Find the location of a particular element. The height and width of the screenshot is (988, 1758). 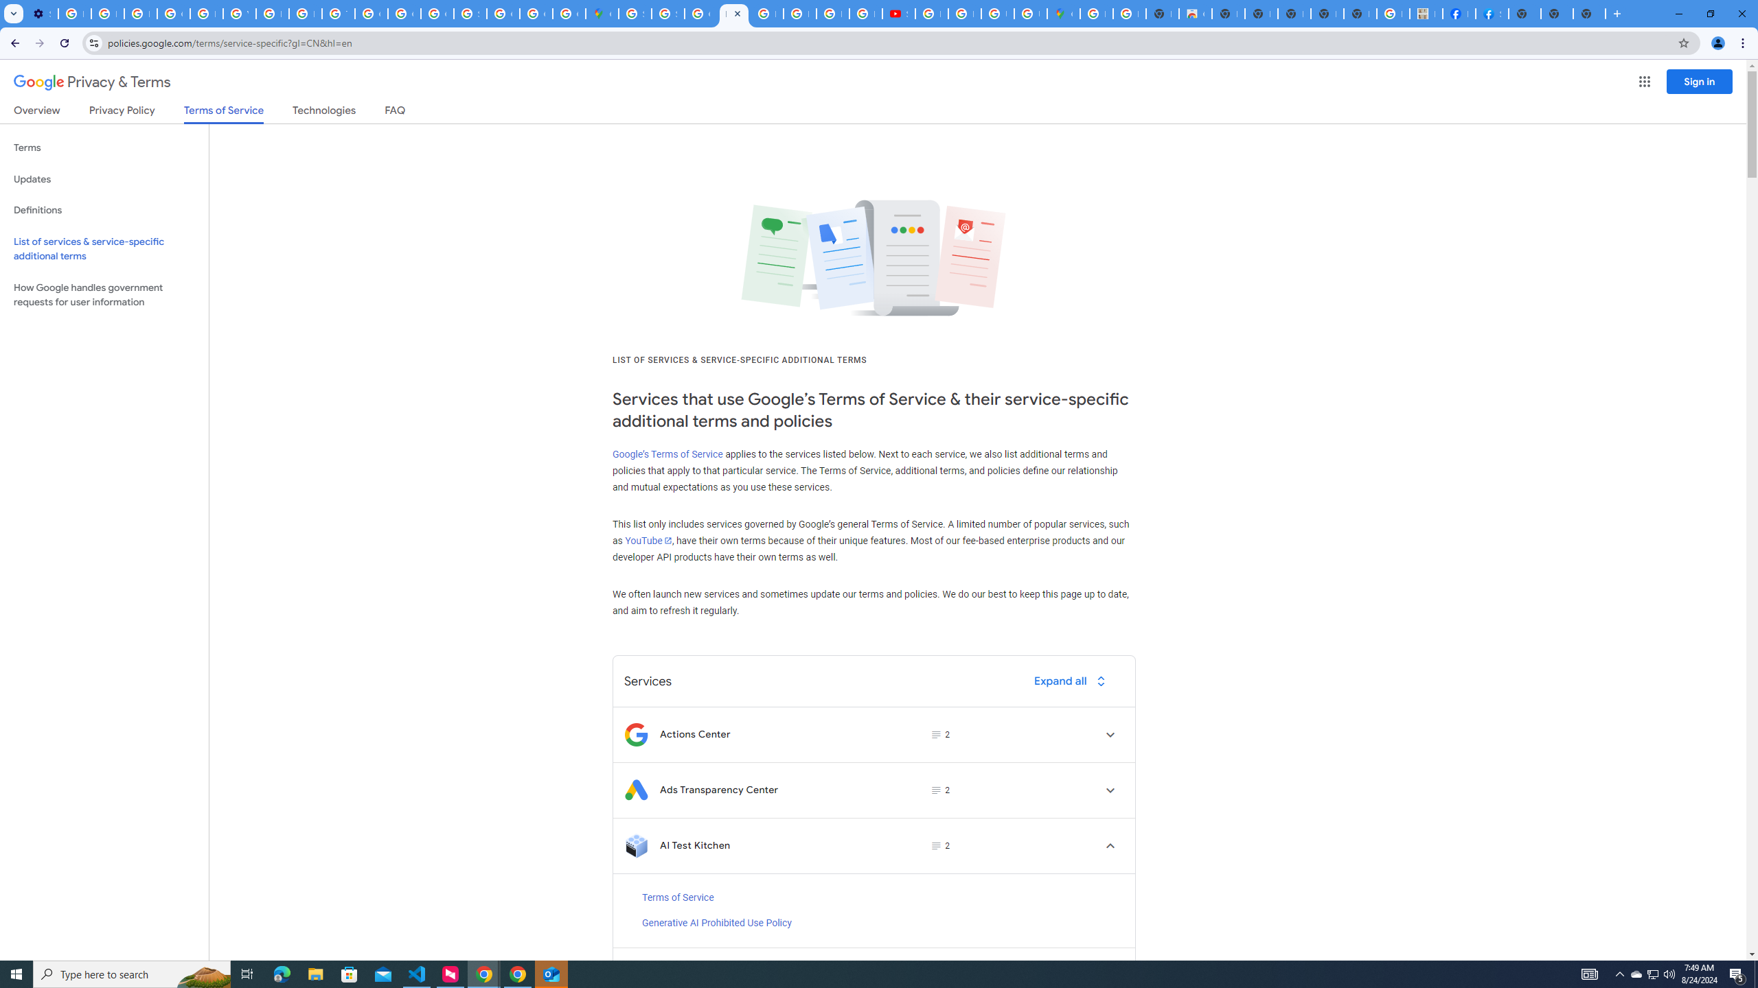

'Logo for AI Test Kitchen' is located at coordinates (635, 845).